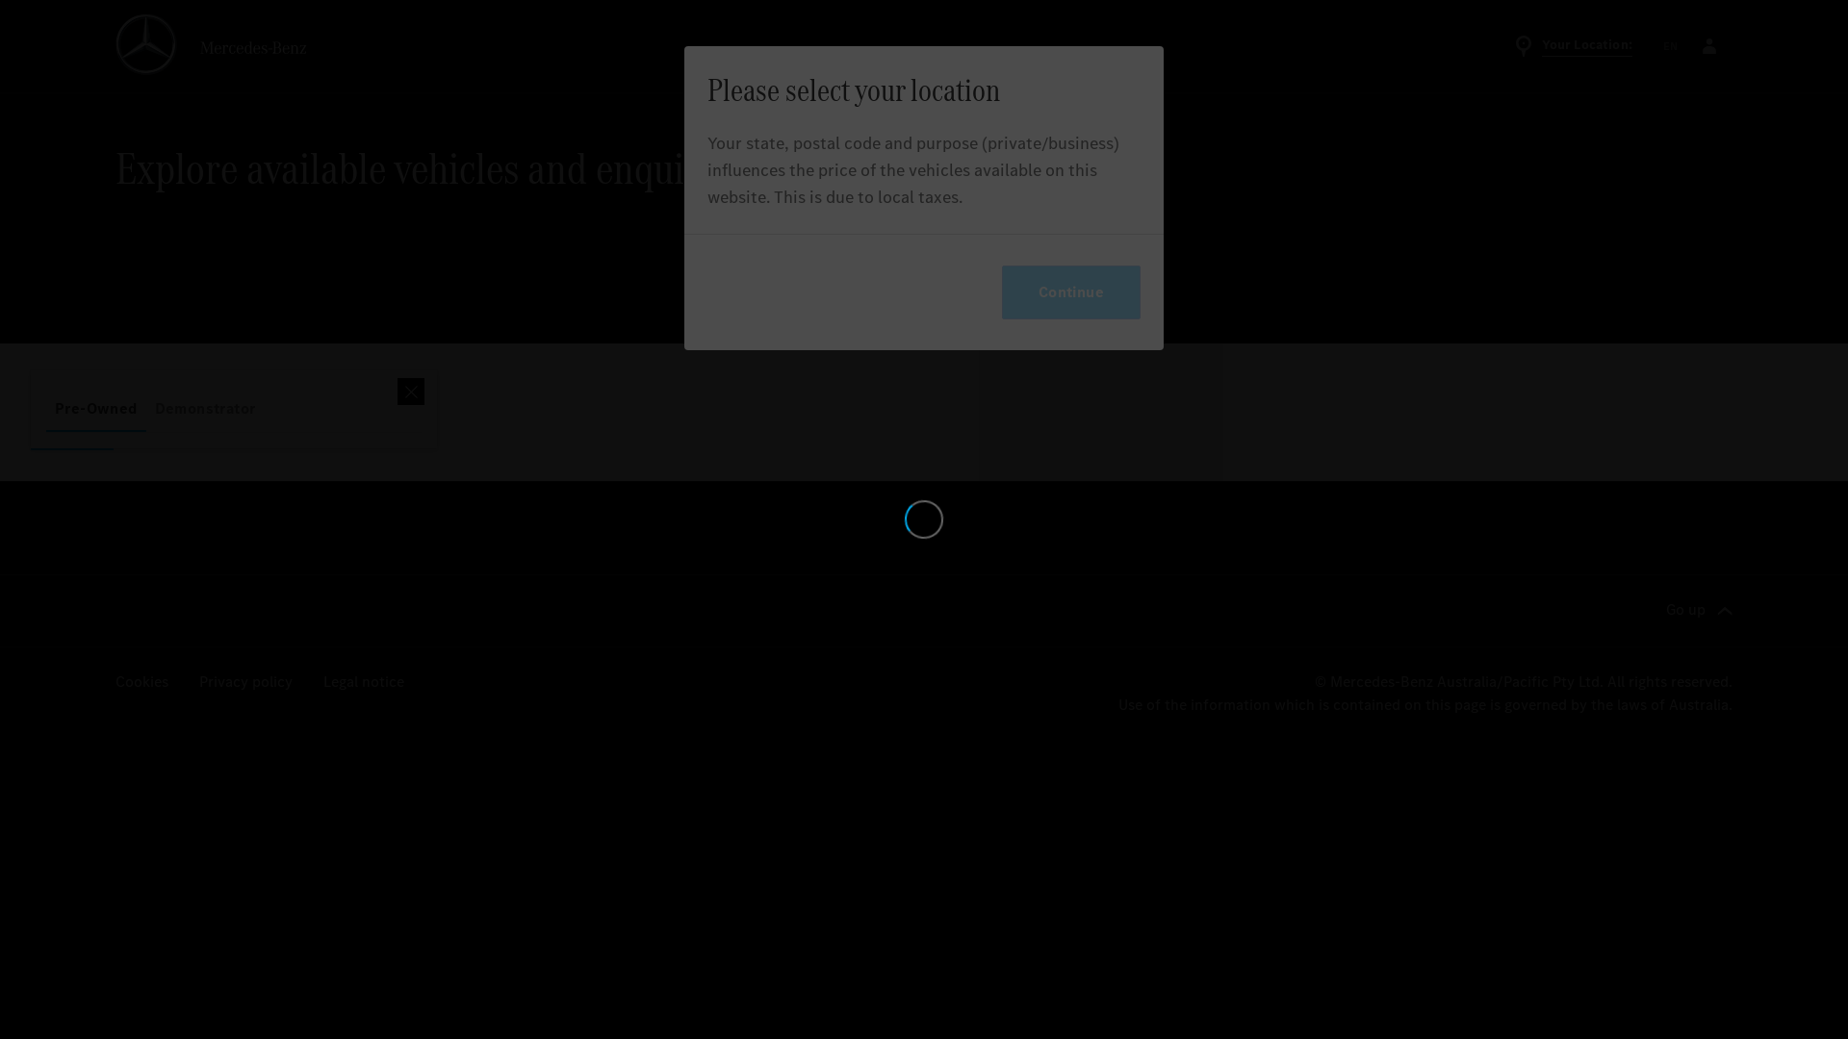 The height and width of the screenshot is (1039, 1848). What do you see at coordinates (95, 407) in the screenshot?
I see `'Pre-Owned'` at bounding box center [95, 407].